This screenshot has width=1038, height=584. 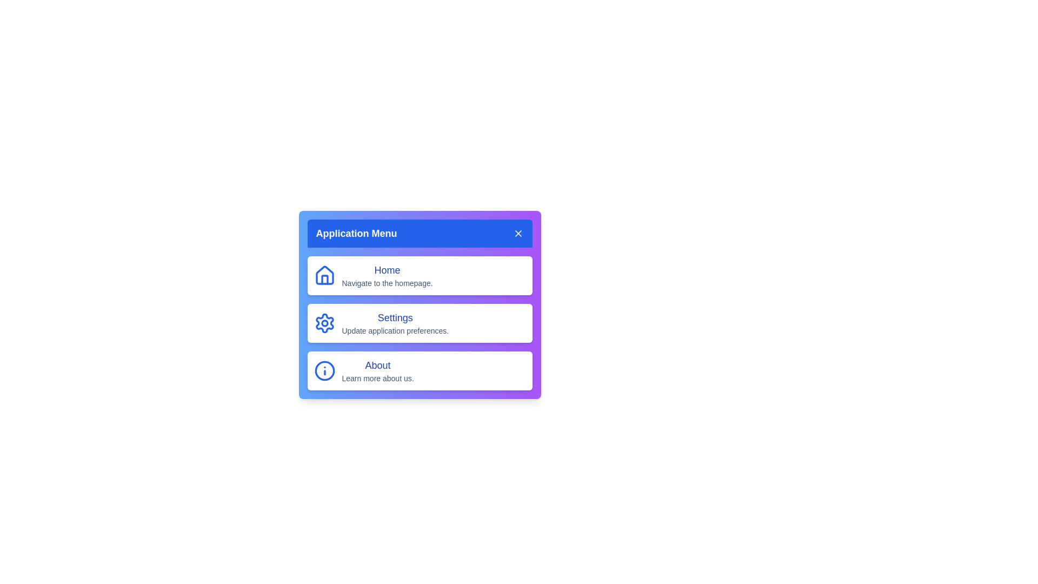 I want to click on the close button to toggle the visibility of the menu, so click(x=517, y=233).